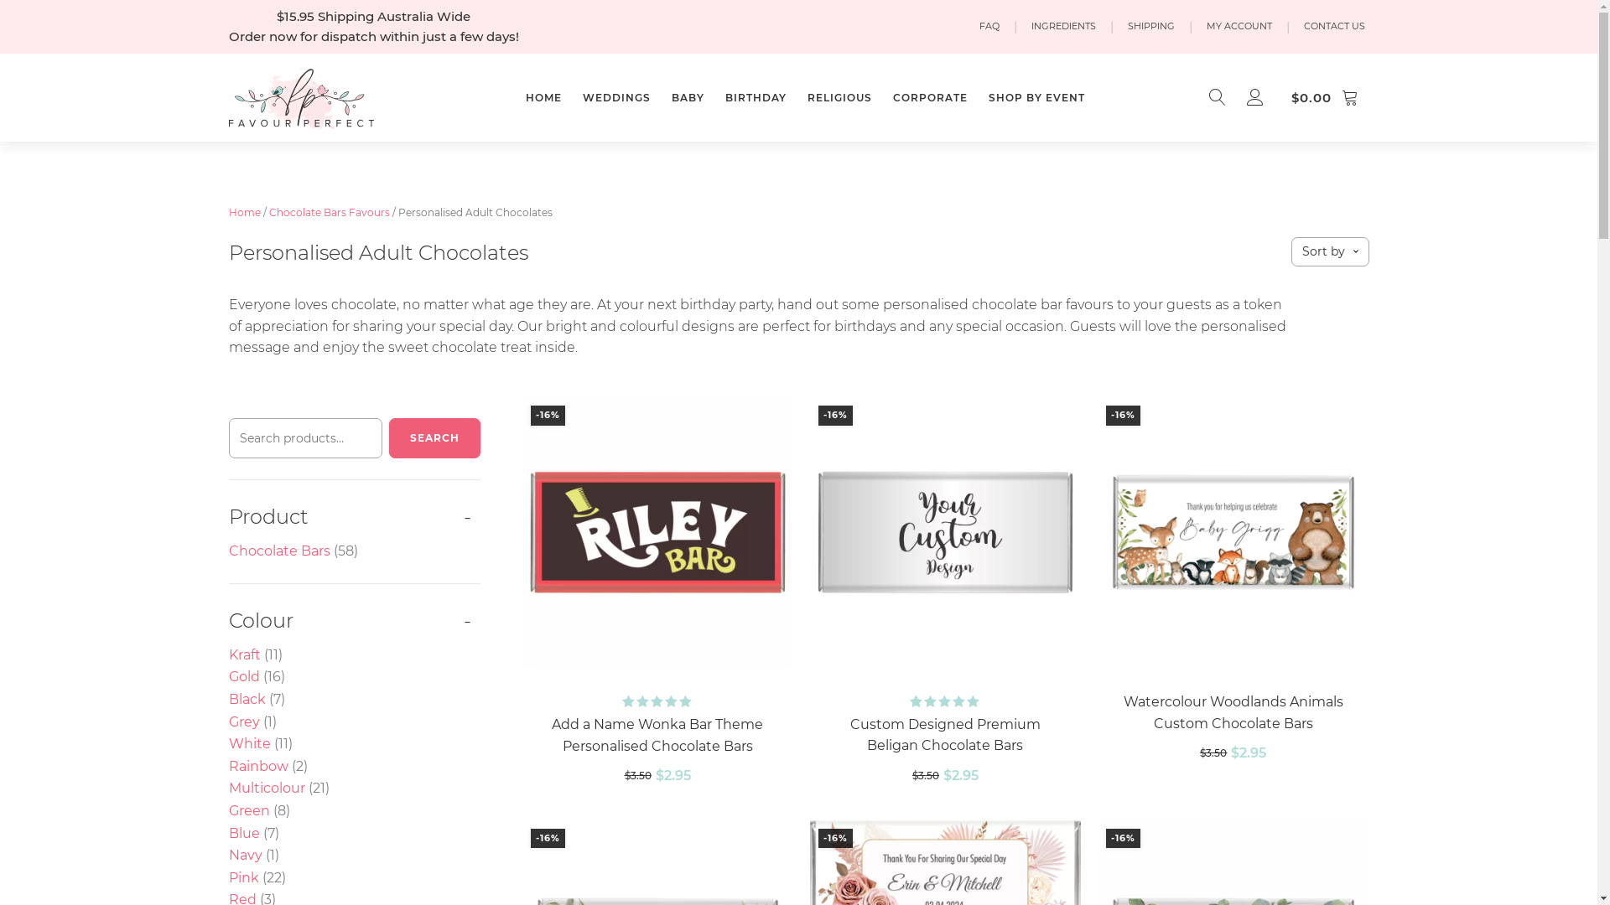 Image resolution: width=1610 pixels, height=905 pixels. I want to click on 'Green', so click(227, 809).